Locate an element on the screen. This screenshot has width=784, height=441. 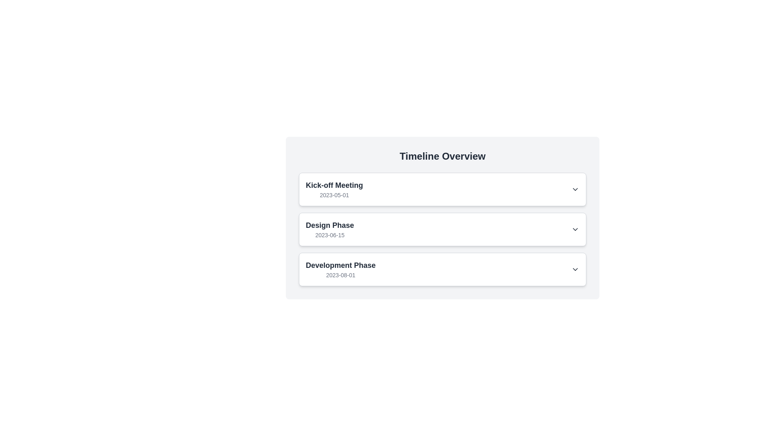
event name and date from the static text label titled 'Kick-off Meeting' in the 'Timeline Overview' section is located at coordinates (334, 189).